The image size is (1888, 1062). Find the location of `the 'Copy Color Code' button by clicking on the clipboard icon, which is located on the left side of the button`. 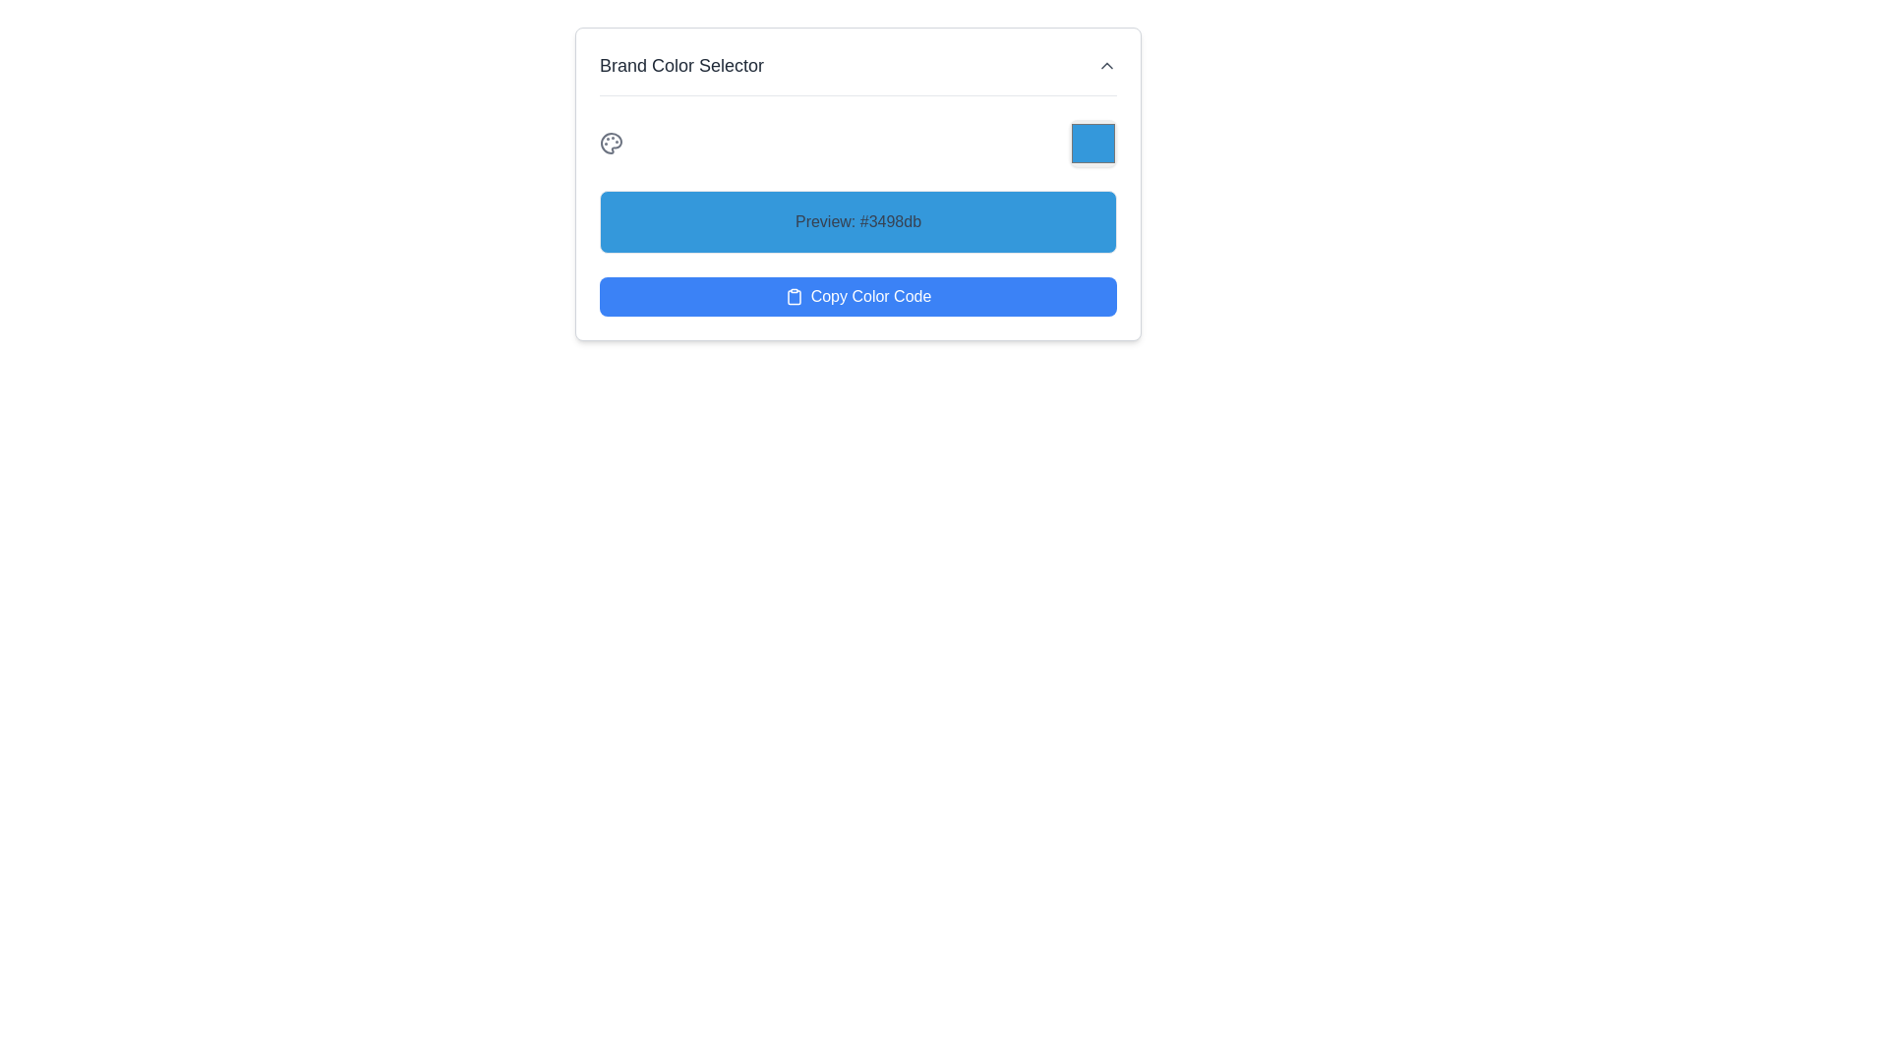

the 'Copy Color Code' button by clicking on the clipboard icon, which is located on the left side of the button is located at coordinates (794, 296).